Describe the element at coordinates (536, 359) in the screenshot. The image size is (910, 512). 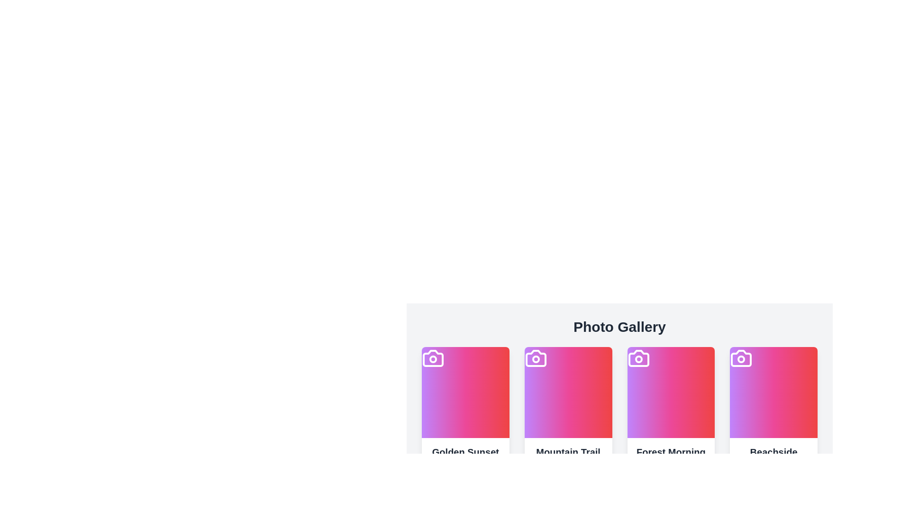
I see `the decorative circle within the camera icon in the second photo card of the grid layout under the 'Photo Gallery' header, specifically for the 'Mountain Trail' image` at that location.